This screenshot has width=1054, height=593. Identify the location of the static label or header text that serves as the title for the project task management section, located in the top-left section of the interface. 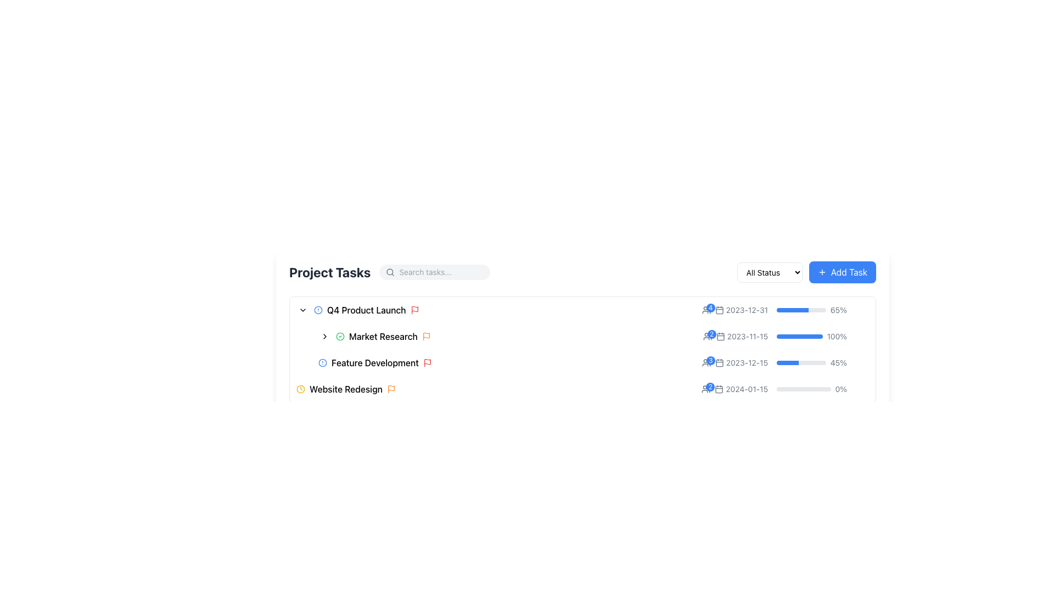
(329, 272).